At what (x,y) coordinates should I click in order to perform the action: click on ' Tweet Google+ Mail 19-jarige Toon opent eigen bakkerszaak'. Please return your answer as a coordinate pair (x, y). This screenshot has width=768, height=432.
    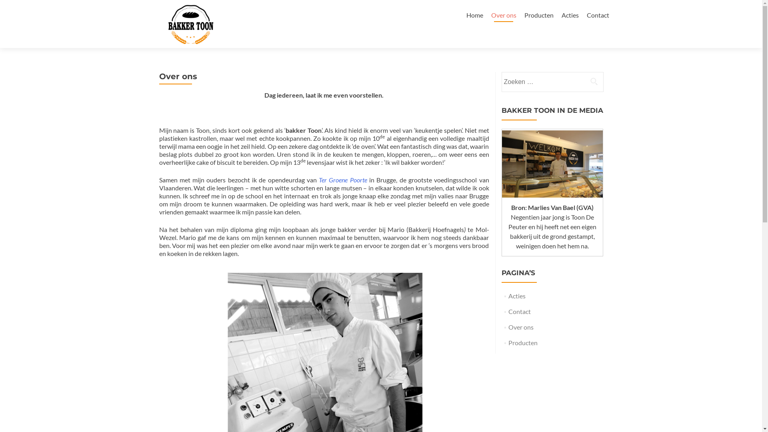
    Looking at the image, I should click on (552, 163).